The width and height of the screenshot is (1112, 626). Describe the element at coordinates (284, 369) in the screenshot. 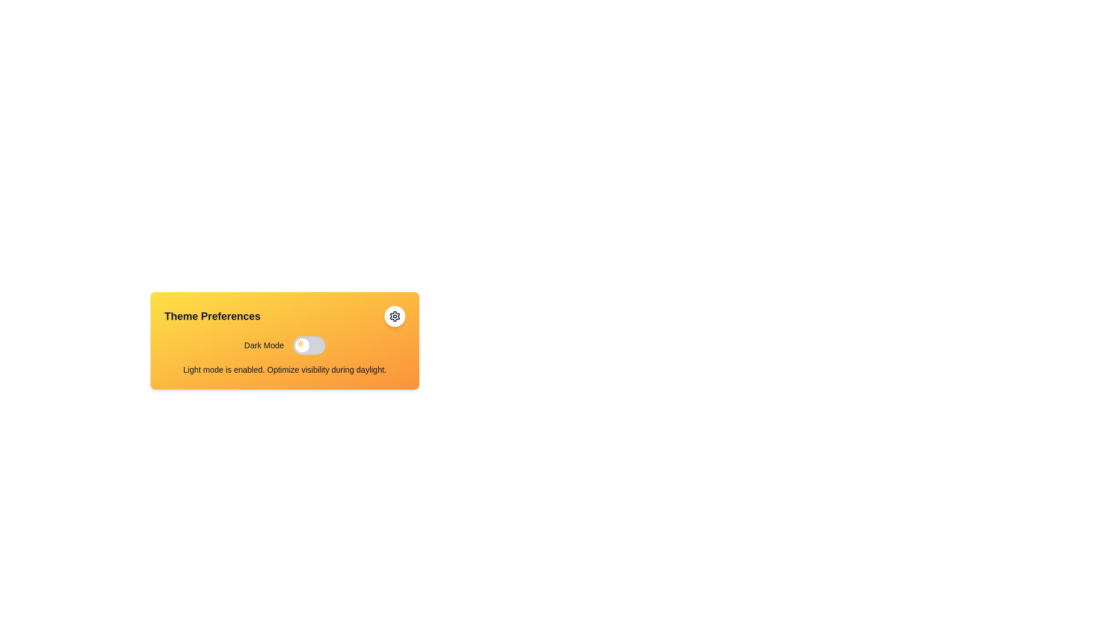

I see `the informational text that states the light mode is currently enabled, located below the 'Dark Mode' toggle switch in the 'Theme Preferences' card` at that location.